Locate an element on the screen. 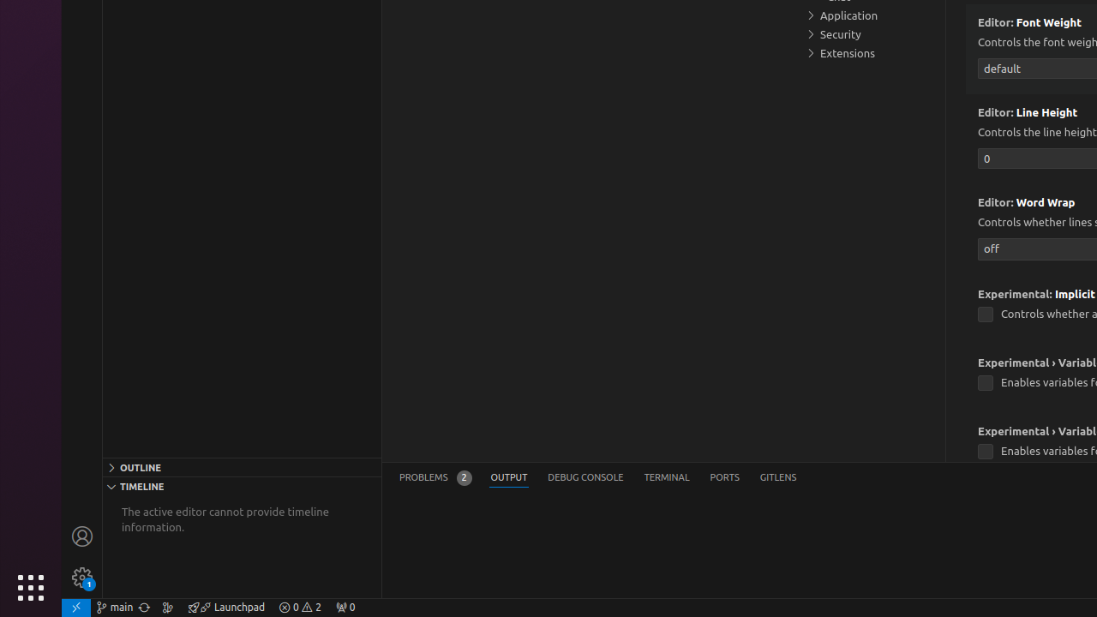 The height and width of the screenshot is (617, 1097). 'Application, group' is located at coordinates (870, 15).